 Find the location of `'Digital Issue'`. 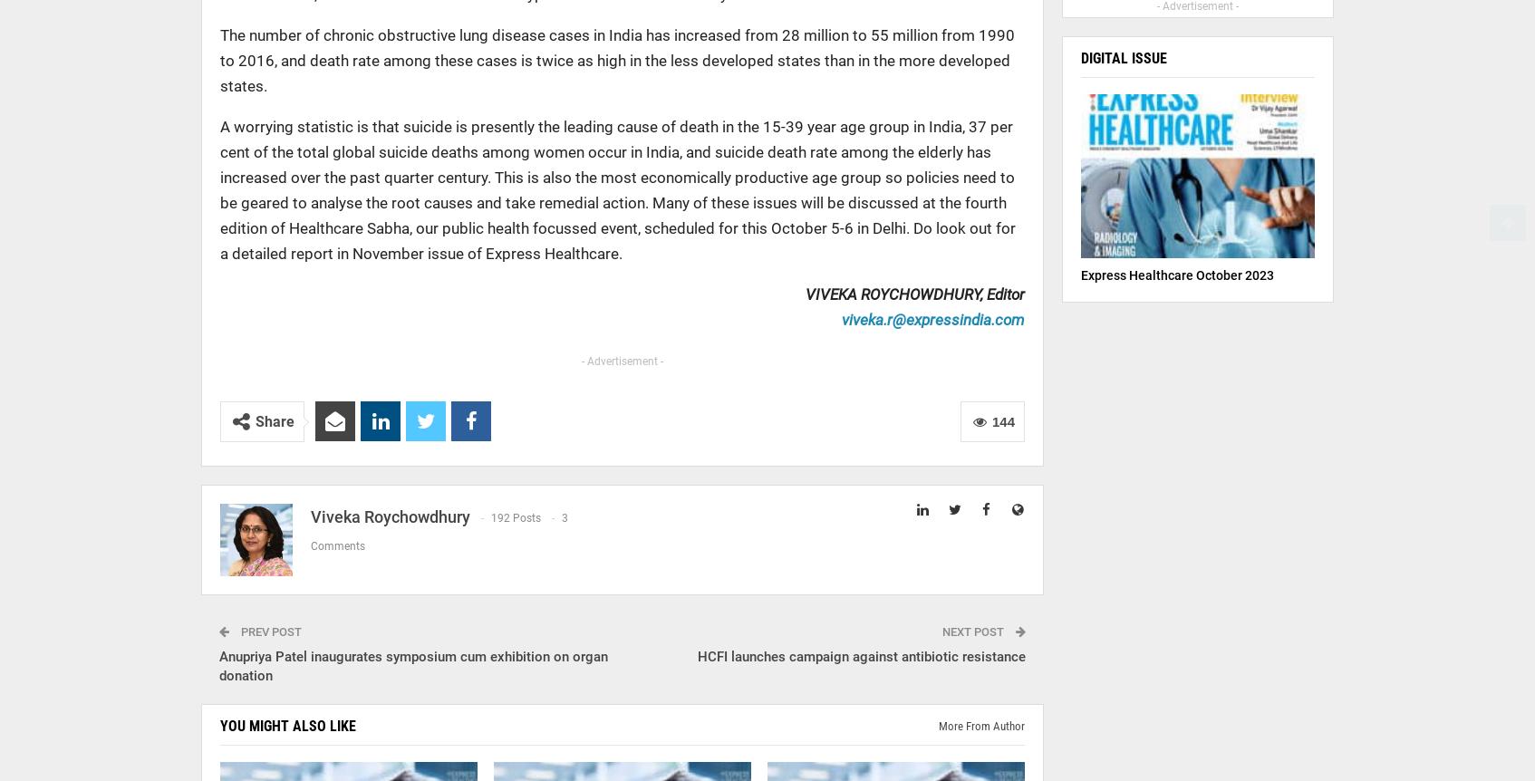

'Digital Issue' is located at coordinates (1122, 58).